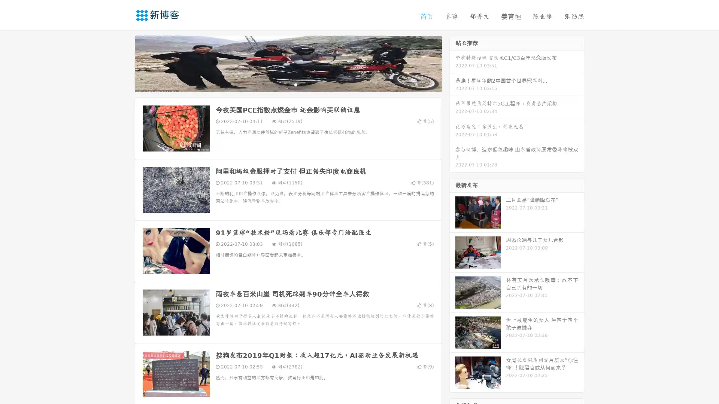 The image size is (719, 404). Describe the element at coordinates (280, 84) in the screenshot. I see `Go to slide 1` at that location.